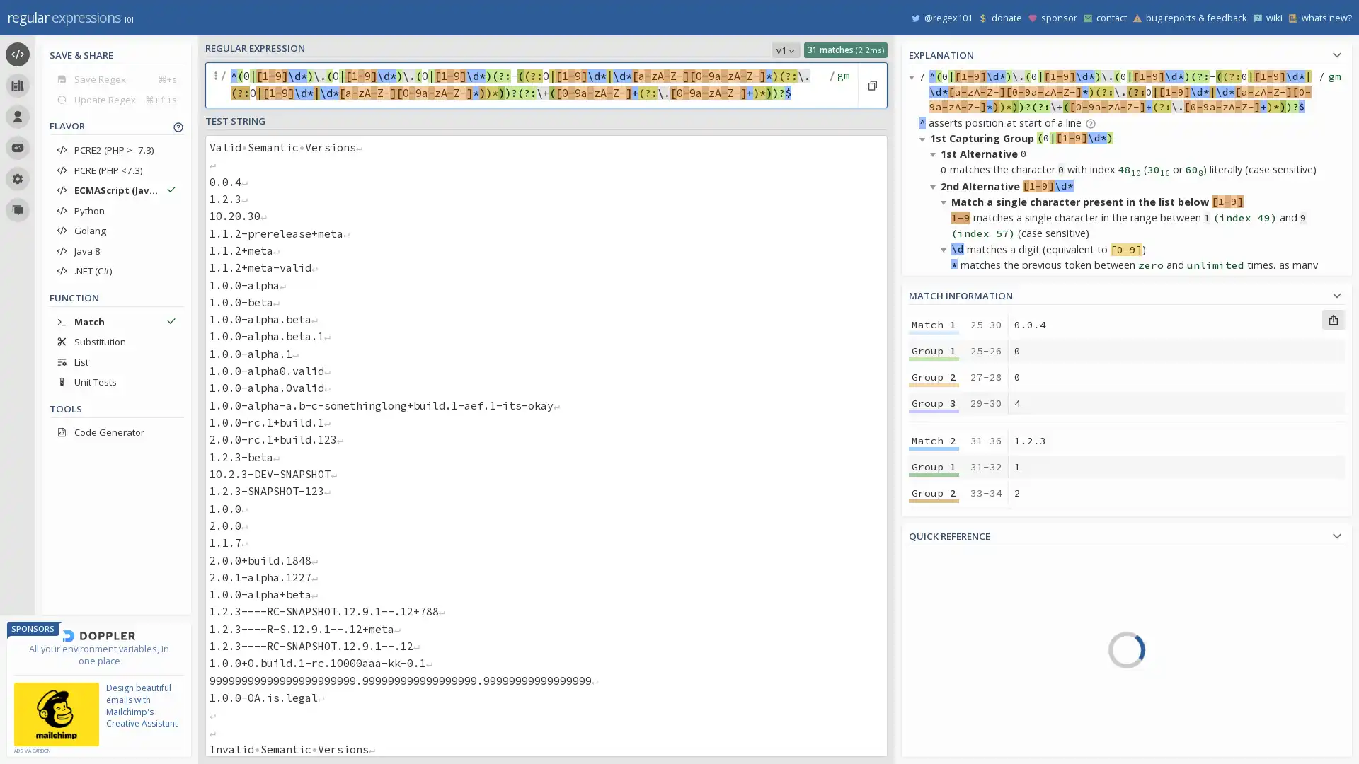 The height and width of the screenshot is (764, 1359). I want to click on MATCH INFORMATION, so click(1126, 293).